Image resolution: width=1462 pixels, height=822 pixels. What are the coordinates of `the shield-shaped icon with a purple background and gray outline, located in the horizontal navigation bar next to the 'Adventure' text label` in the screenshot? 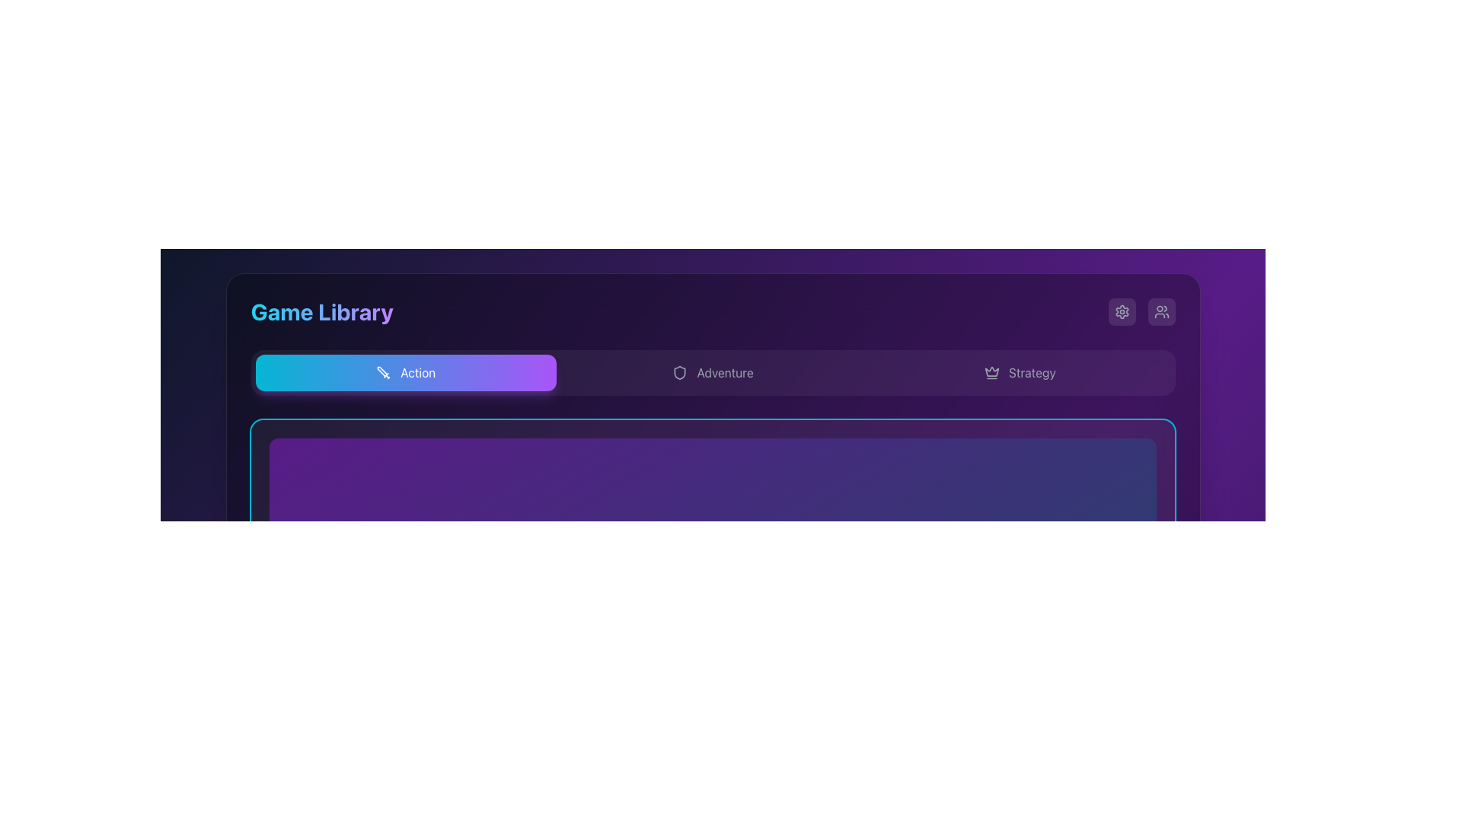 It's located at (679, 372).